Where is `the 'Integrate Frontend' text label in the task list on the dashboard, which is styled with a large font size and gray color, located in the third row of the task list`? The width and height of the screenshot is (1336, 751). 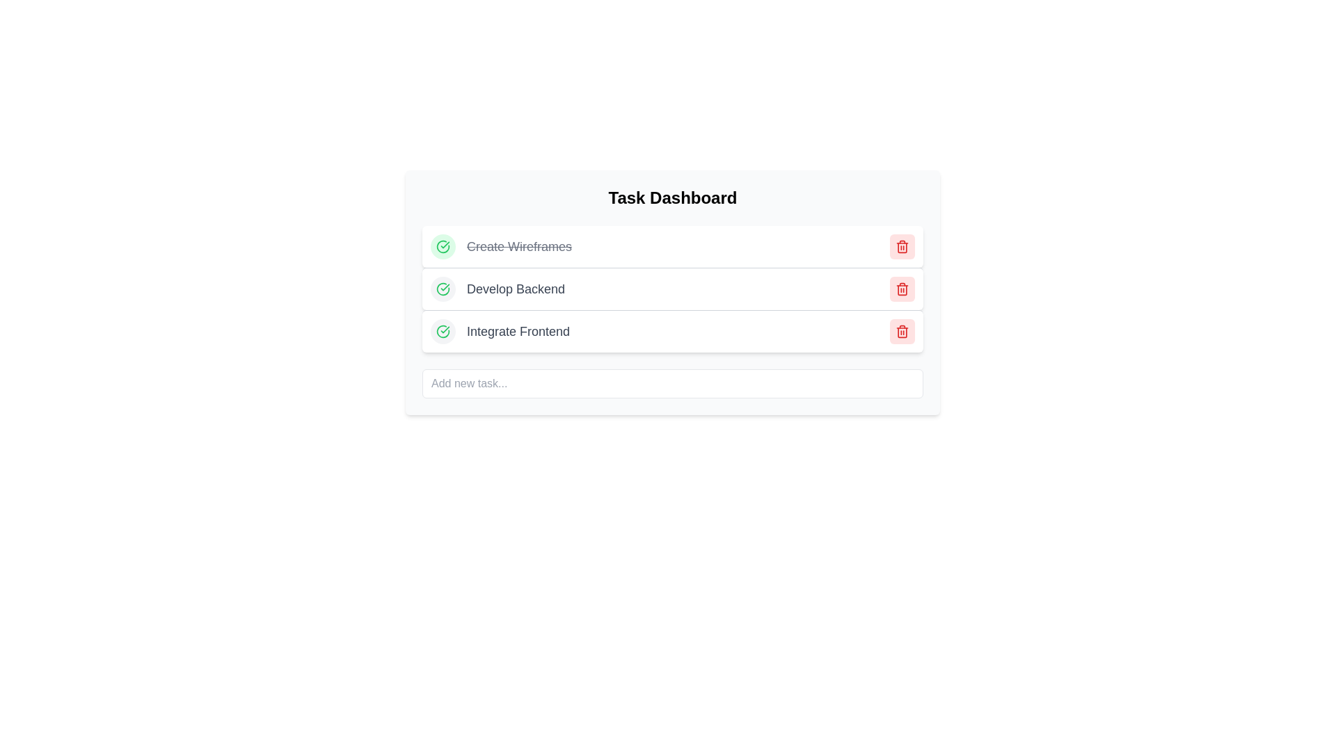
the 'Integrate Frontend' text label in the task list on the dashboard, which is styled with a large font size and gray color, located in the third row of the task list is located at coordinates (517, 332).